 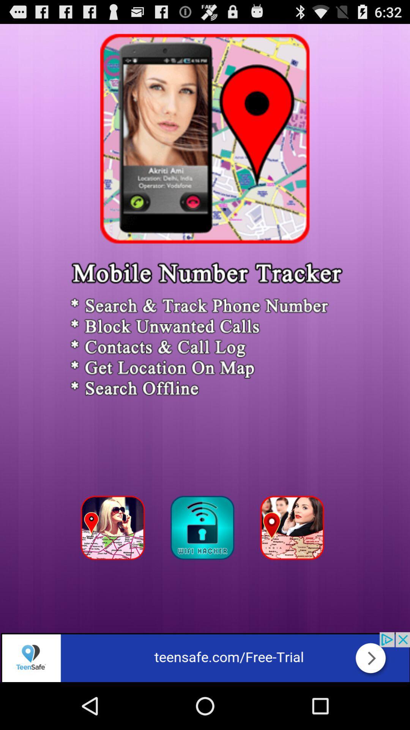 I want to click on click for gps tracker, so click(x=204, y=530).